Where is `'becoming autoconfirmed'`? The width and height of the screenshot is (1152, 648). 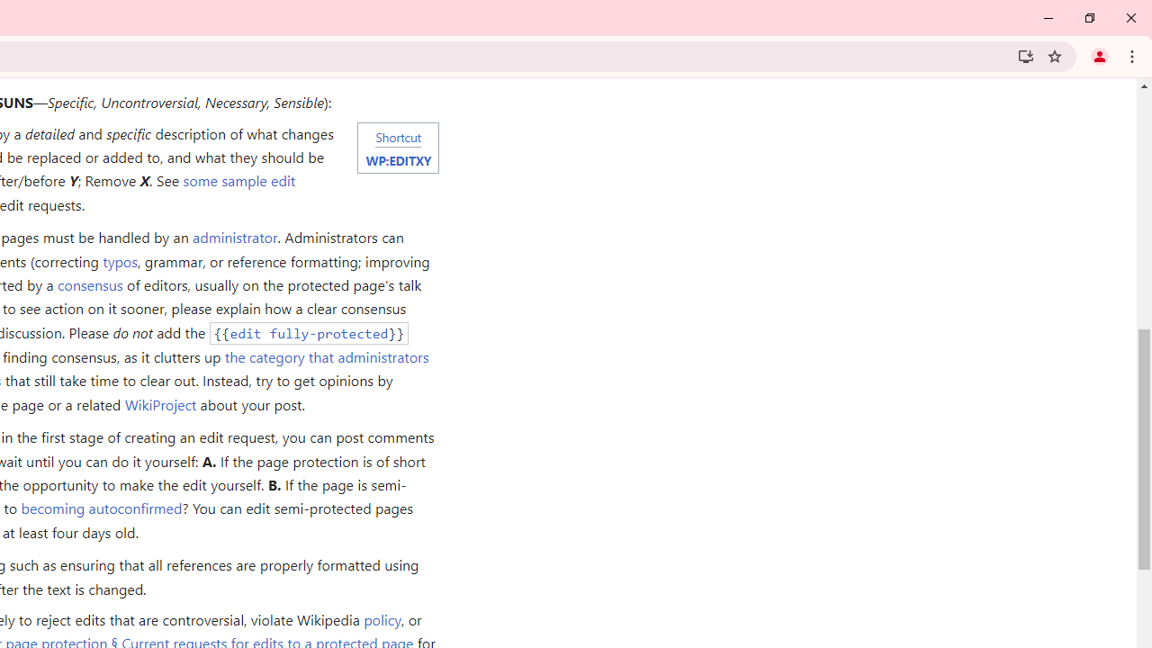 'becoming autoconfirmed' is located at coordinates (101, 508).